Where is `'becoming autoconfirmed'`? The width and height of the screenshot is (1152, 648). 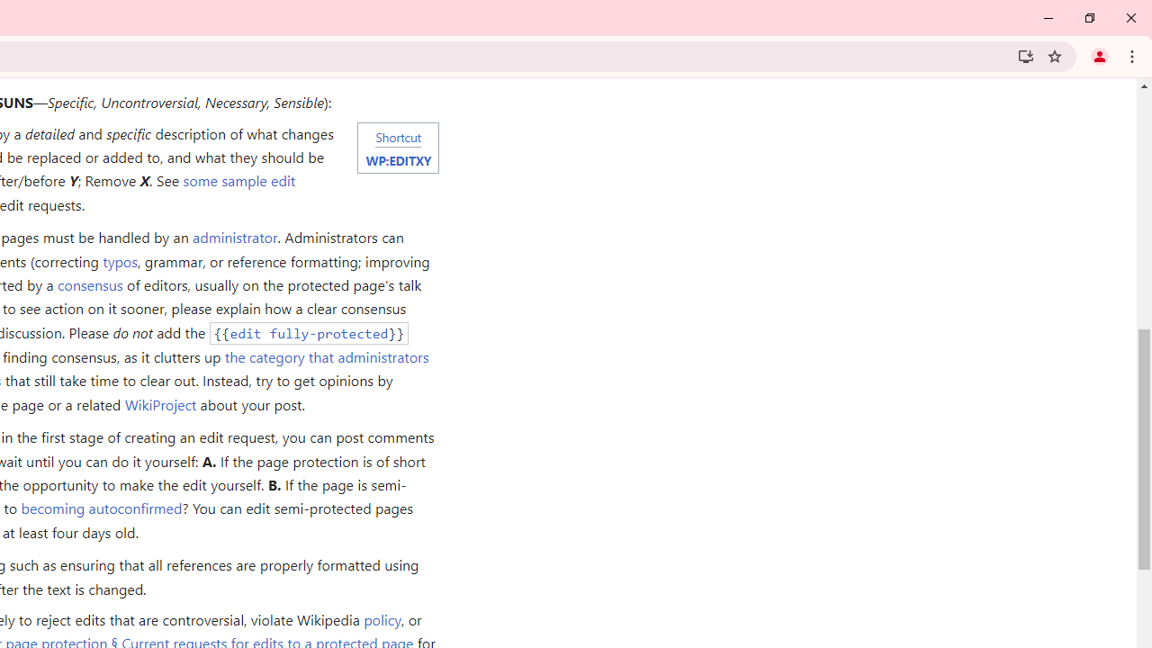 'becoming autoconfirmed' is located at coordinates (101, 508).